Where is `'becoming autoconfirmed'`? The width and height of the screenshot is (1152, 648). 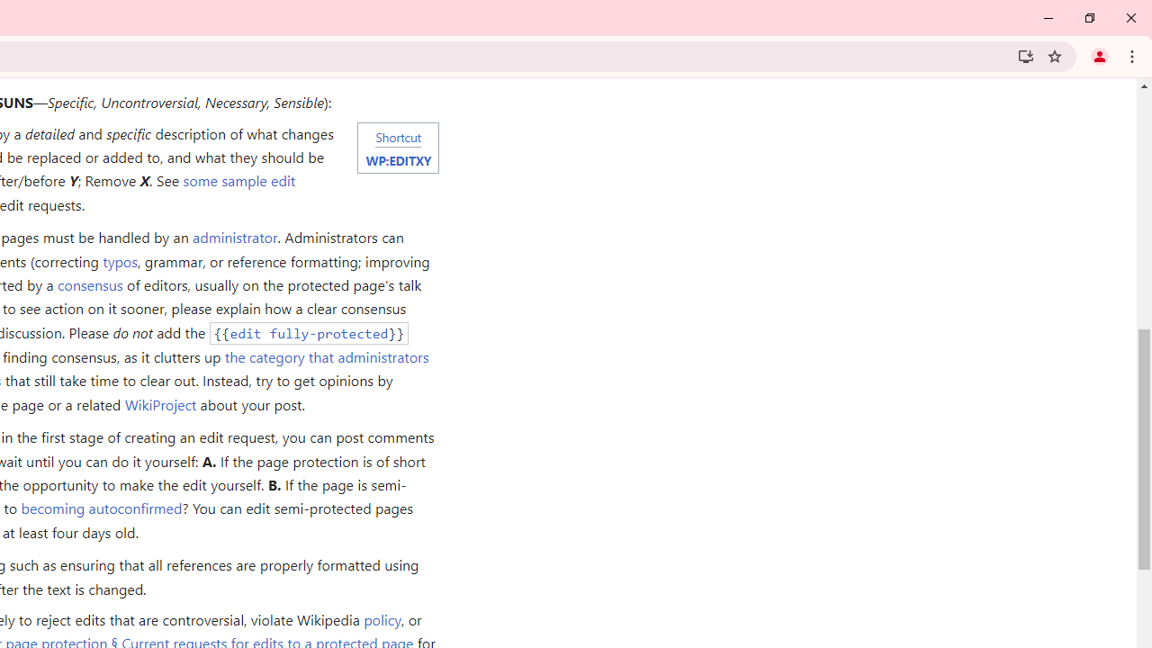 'becoming autoconfirmed' is located at coordinates (101, 508).